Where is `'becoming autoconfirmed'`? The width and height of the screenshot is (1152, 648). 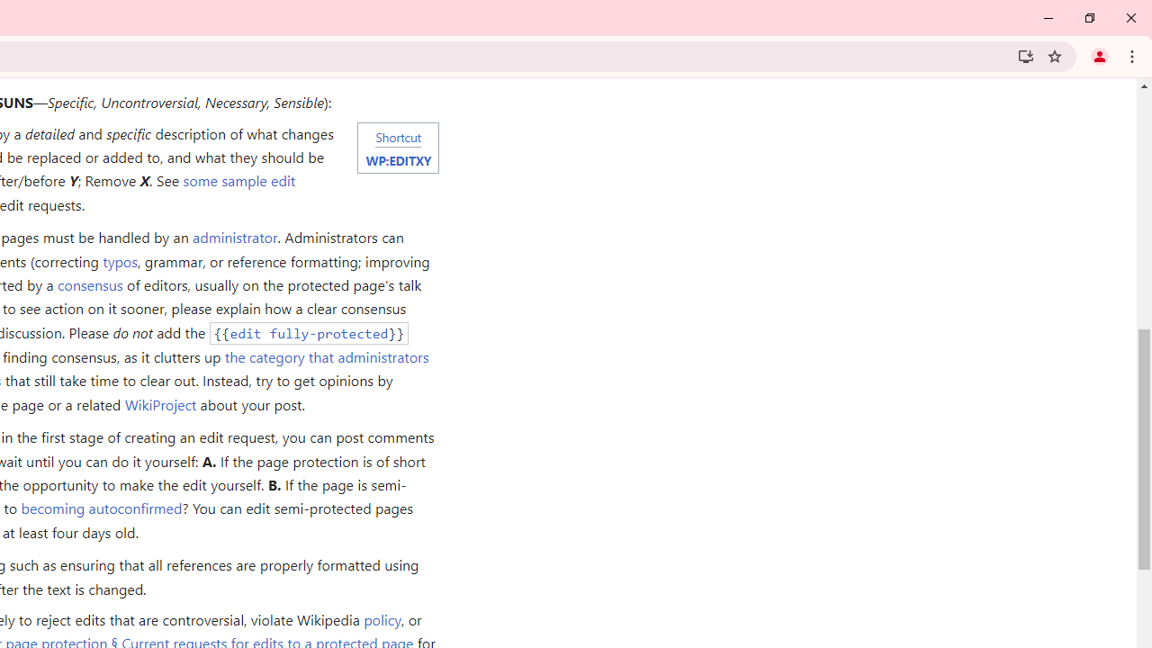 'becoming autoconfirmed' is located at coordinates (101, 508).